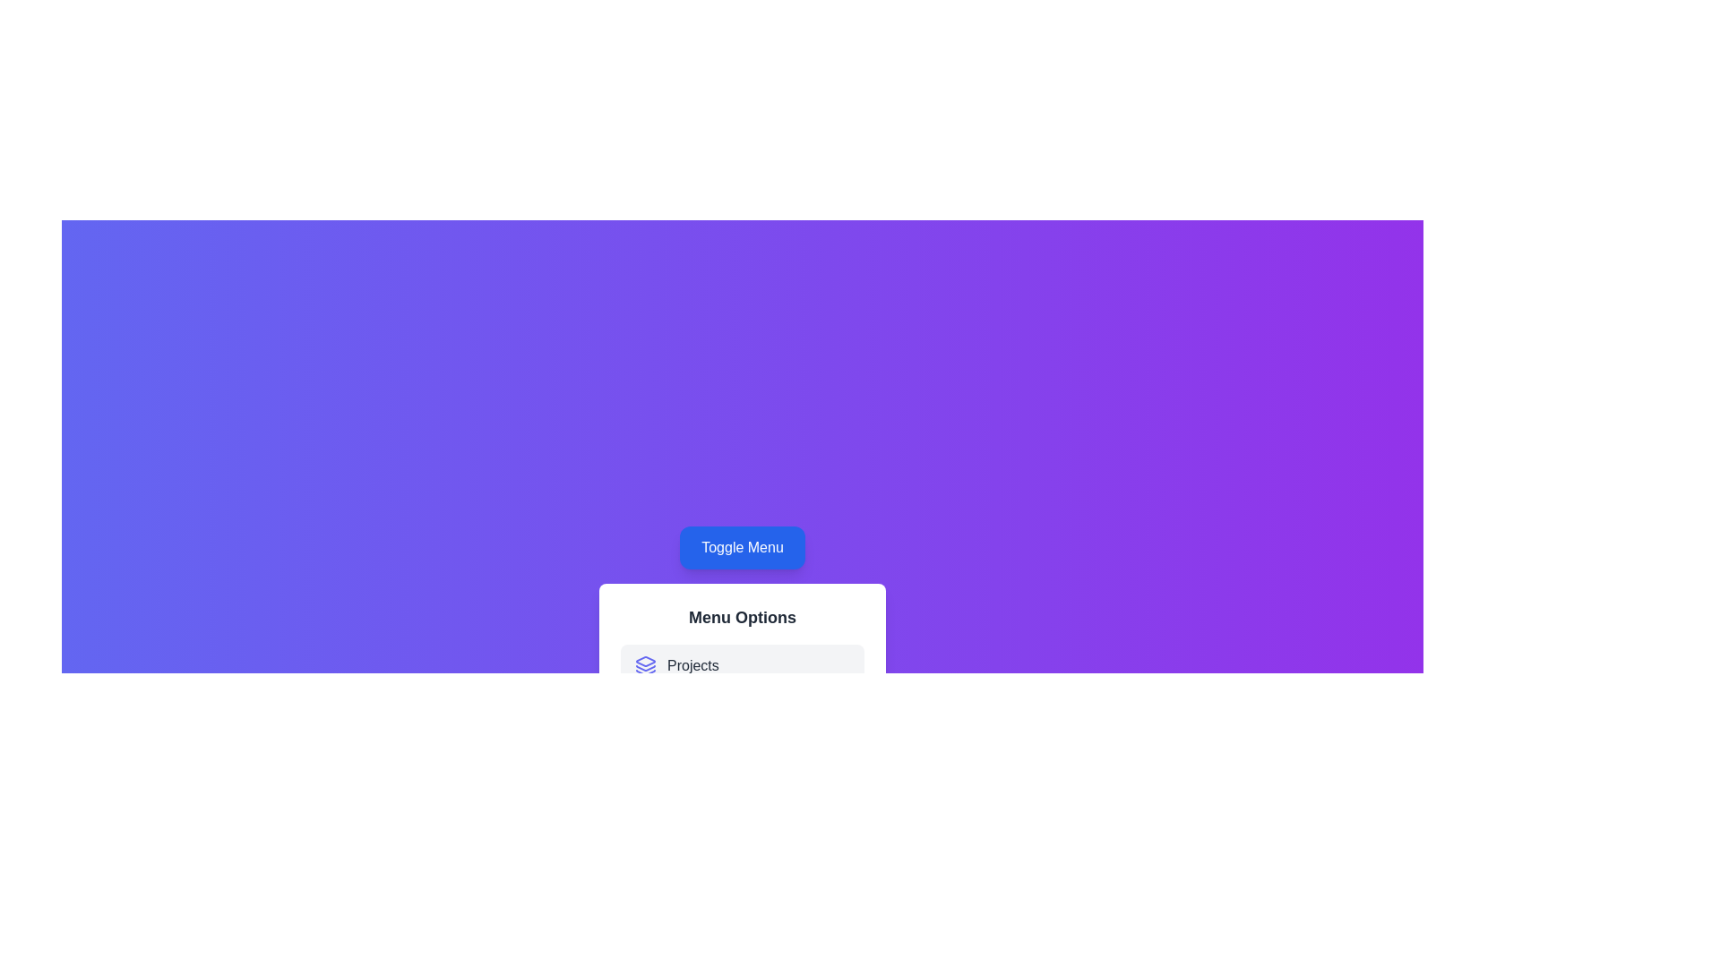 The image size is (1720, 967). Describe the element at coordinates (645, 666) in the screenshot. I see `the icon associated with the menu item Projects` at that location.